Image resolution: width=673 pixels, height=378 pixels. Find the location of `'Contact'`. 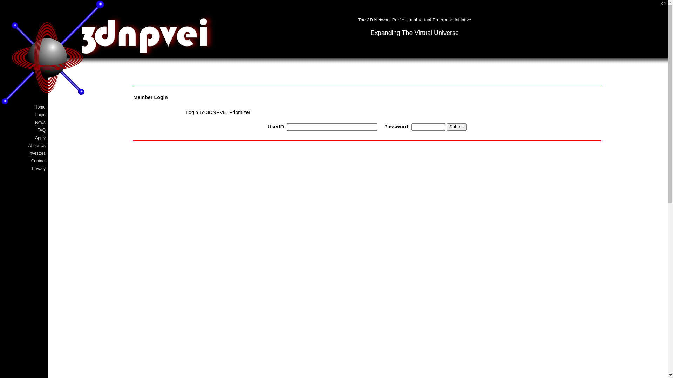

'Contact' is located at coordinates (25, 161).